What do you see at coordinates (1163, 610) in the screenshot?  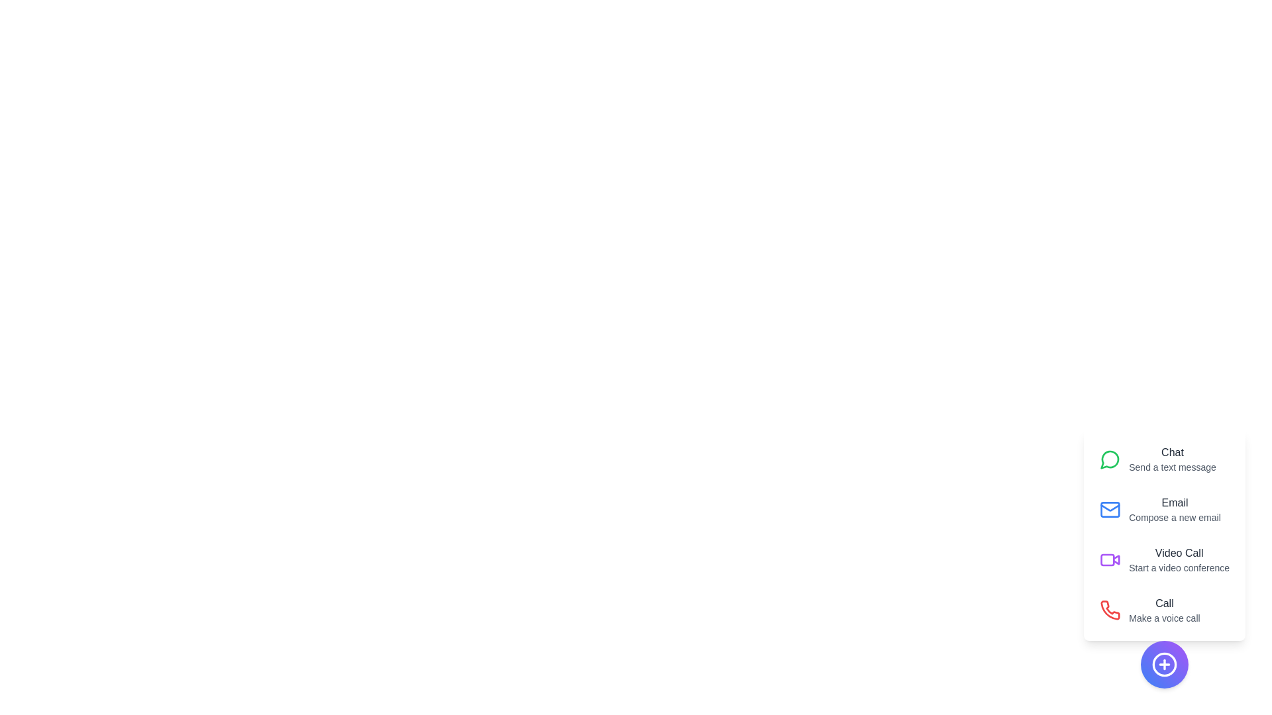 I see `the 'Call' action to make a voice call` at bounding box center [1163, 610].